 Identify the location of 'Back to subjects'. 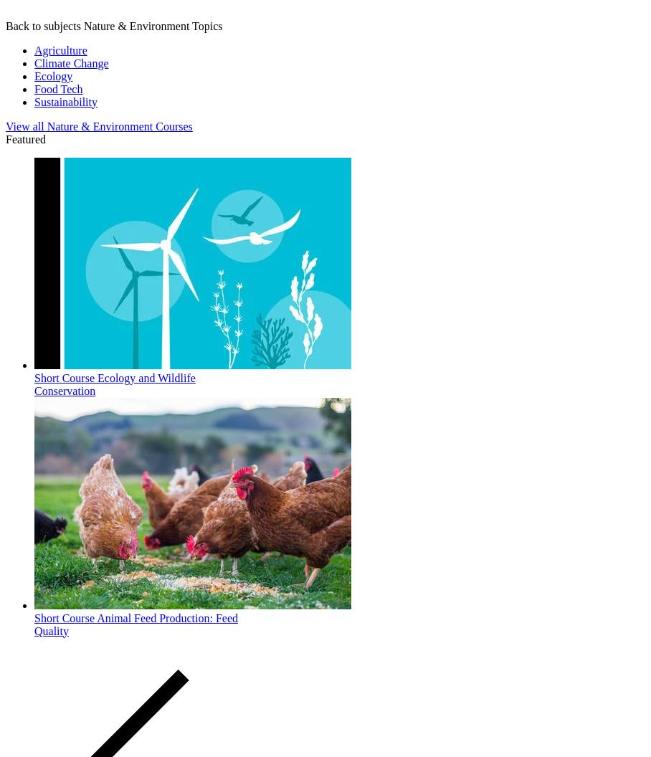
(43, 25).